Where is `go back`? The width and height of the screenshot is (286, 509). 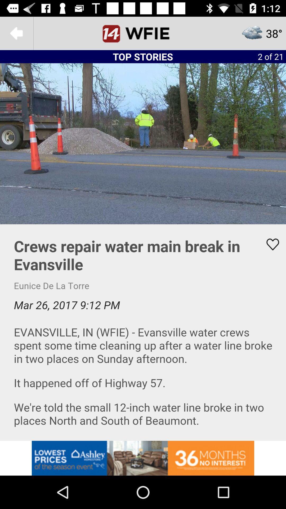 go back is located at coordinates (16, 33).